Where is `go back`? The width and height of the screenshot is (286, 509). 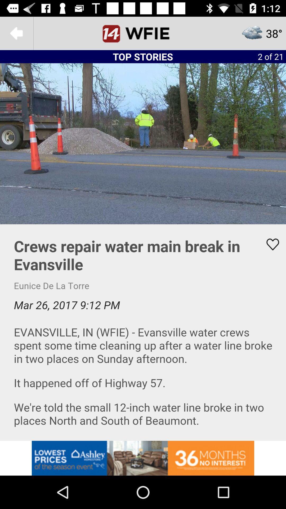 go back is located at coordinates (16, 33).